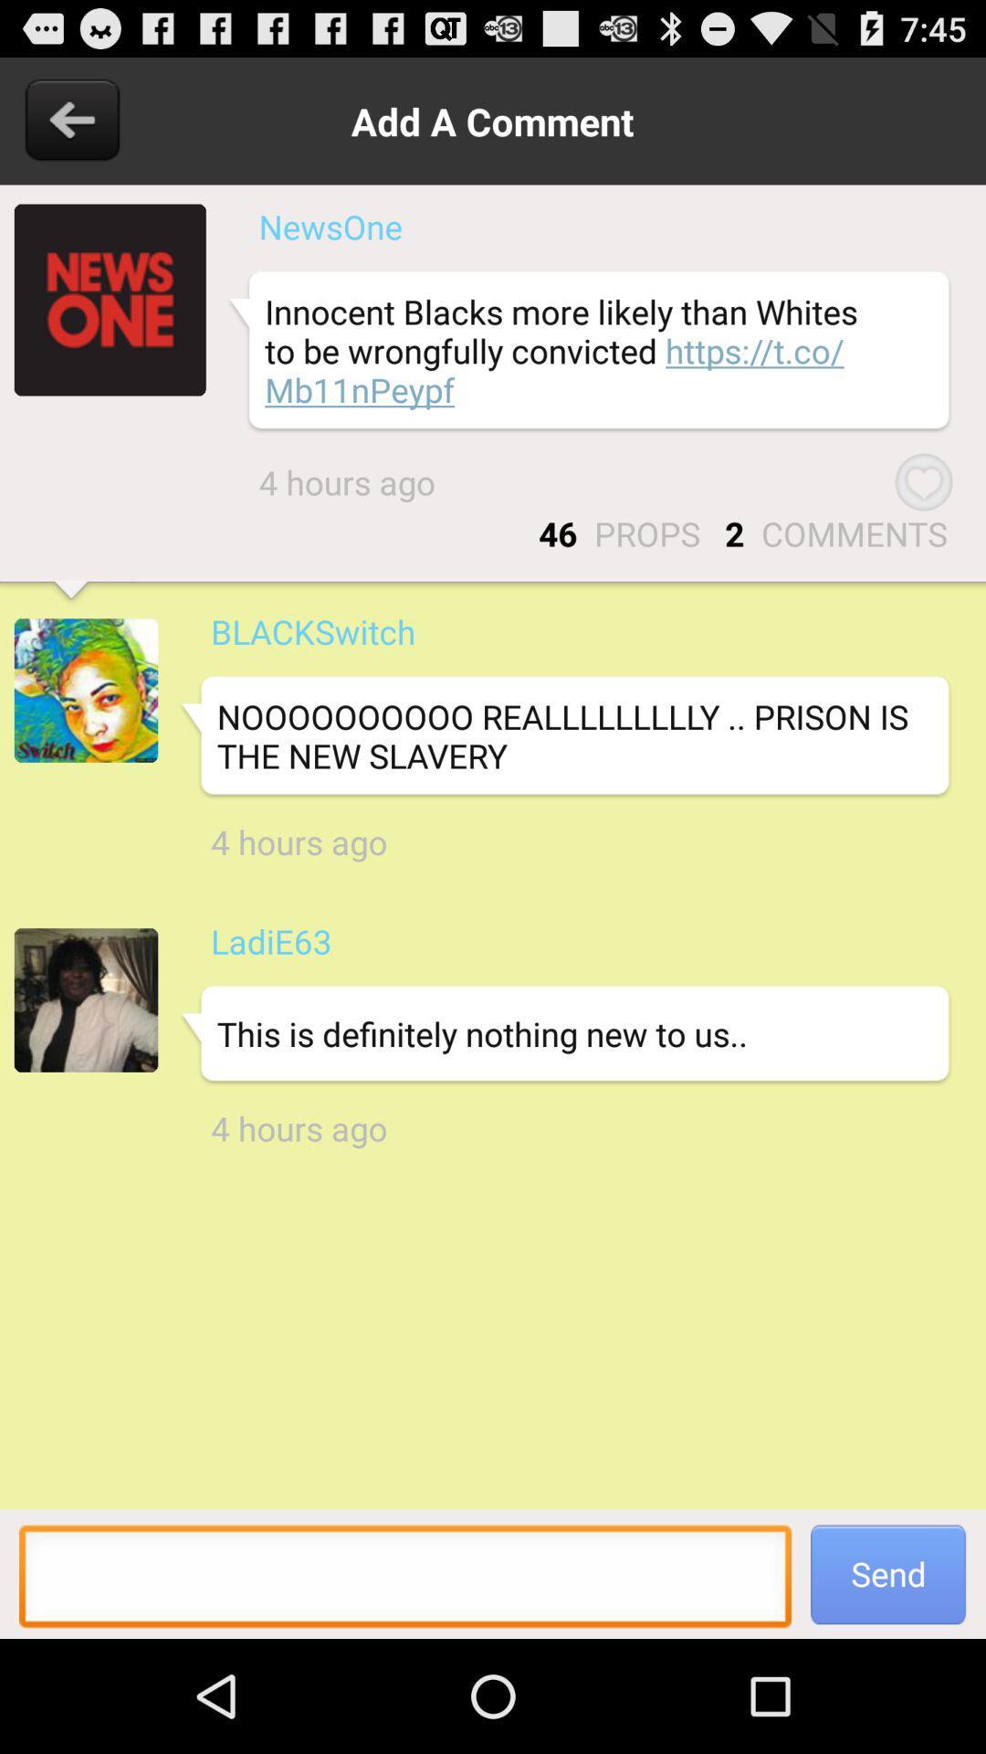 The height and width of the screenshot is (1754, 986). What do you see at coordinates (563, 1034) in the screenshot?
I see `the item below the ladie63 icon` at bounding box center [563, 1034].